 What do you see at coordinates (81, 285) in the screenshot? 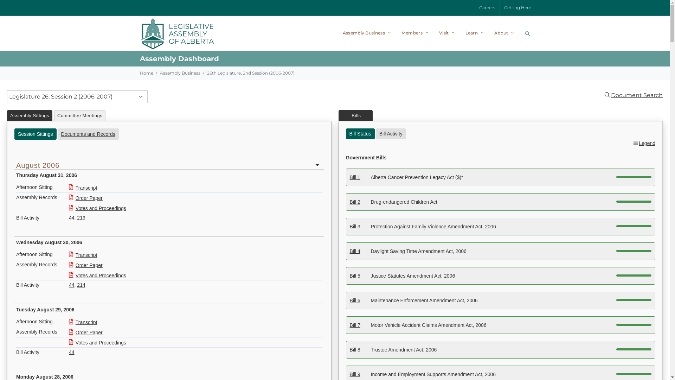
I see `'214'` at bounding box center [81, 285].